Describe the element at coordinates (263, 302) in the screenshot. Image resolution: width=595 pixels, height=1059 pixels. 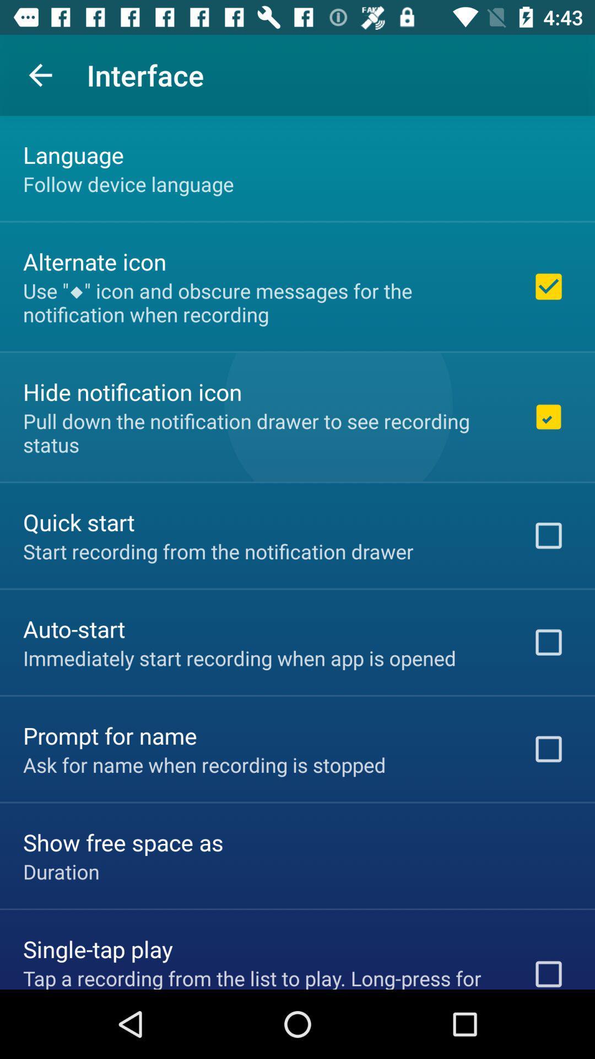
I see `the use icon and icon` at that location.